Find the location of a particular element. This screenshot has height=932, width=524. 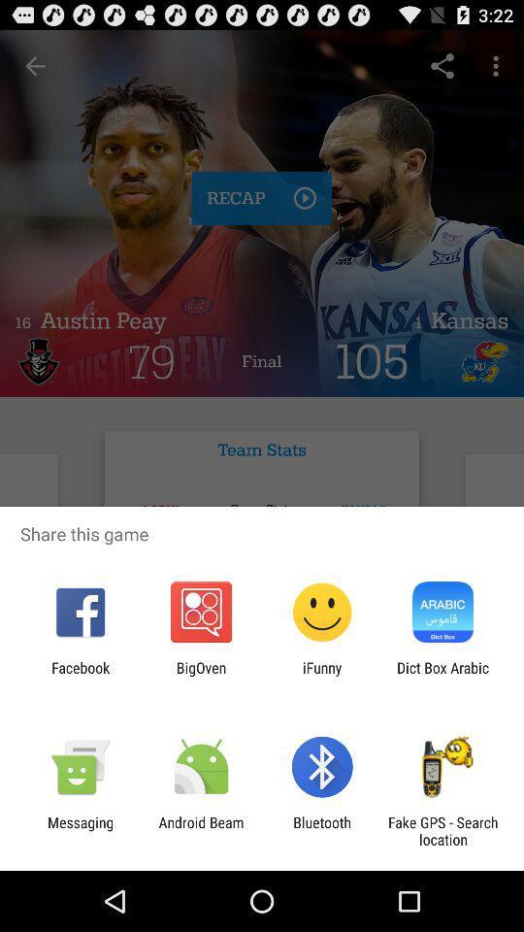

fake gps search app is located at coordinates (442, 830).